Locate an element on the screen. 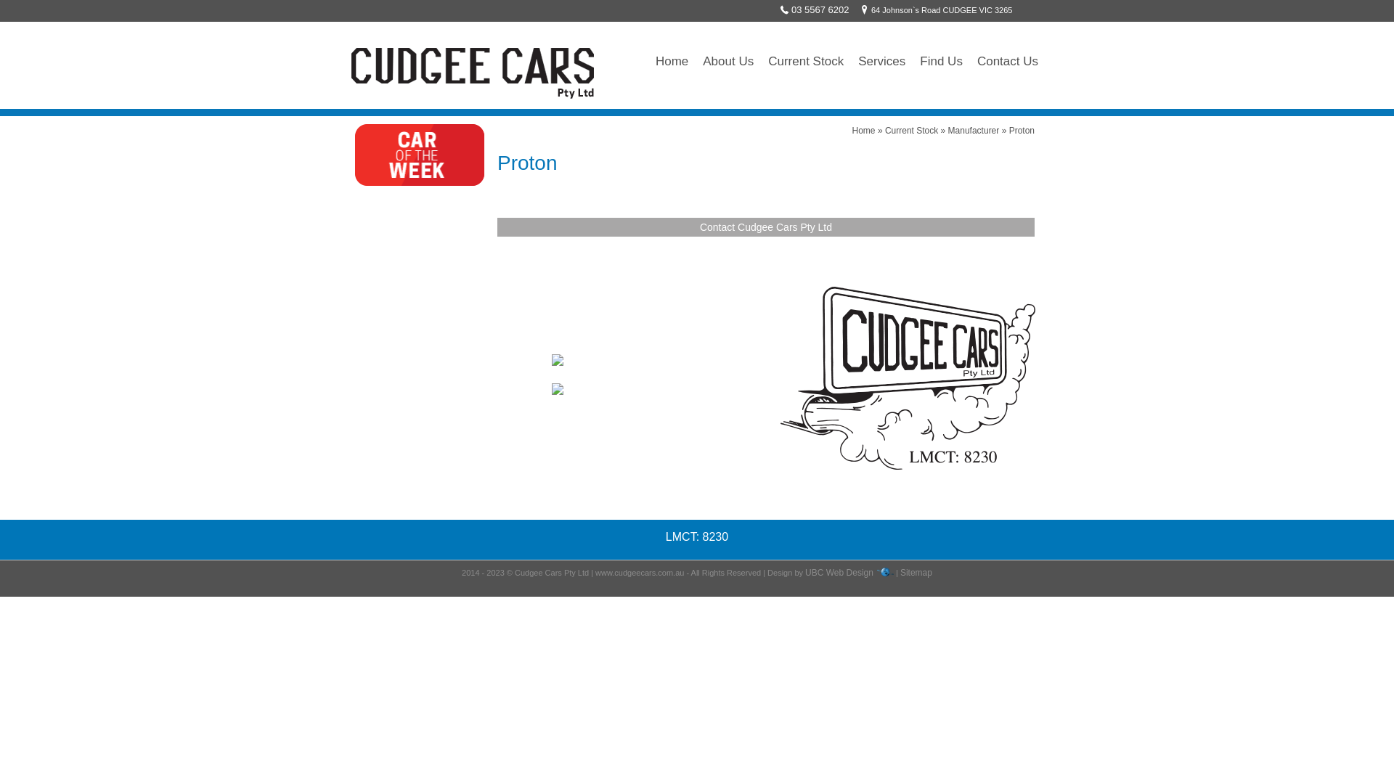 The width and height of the screenshot is (1394, 784). 'Cudgee Cars Pty Ltd' is located at coordinates (473, 70).